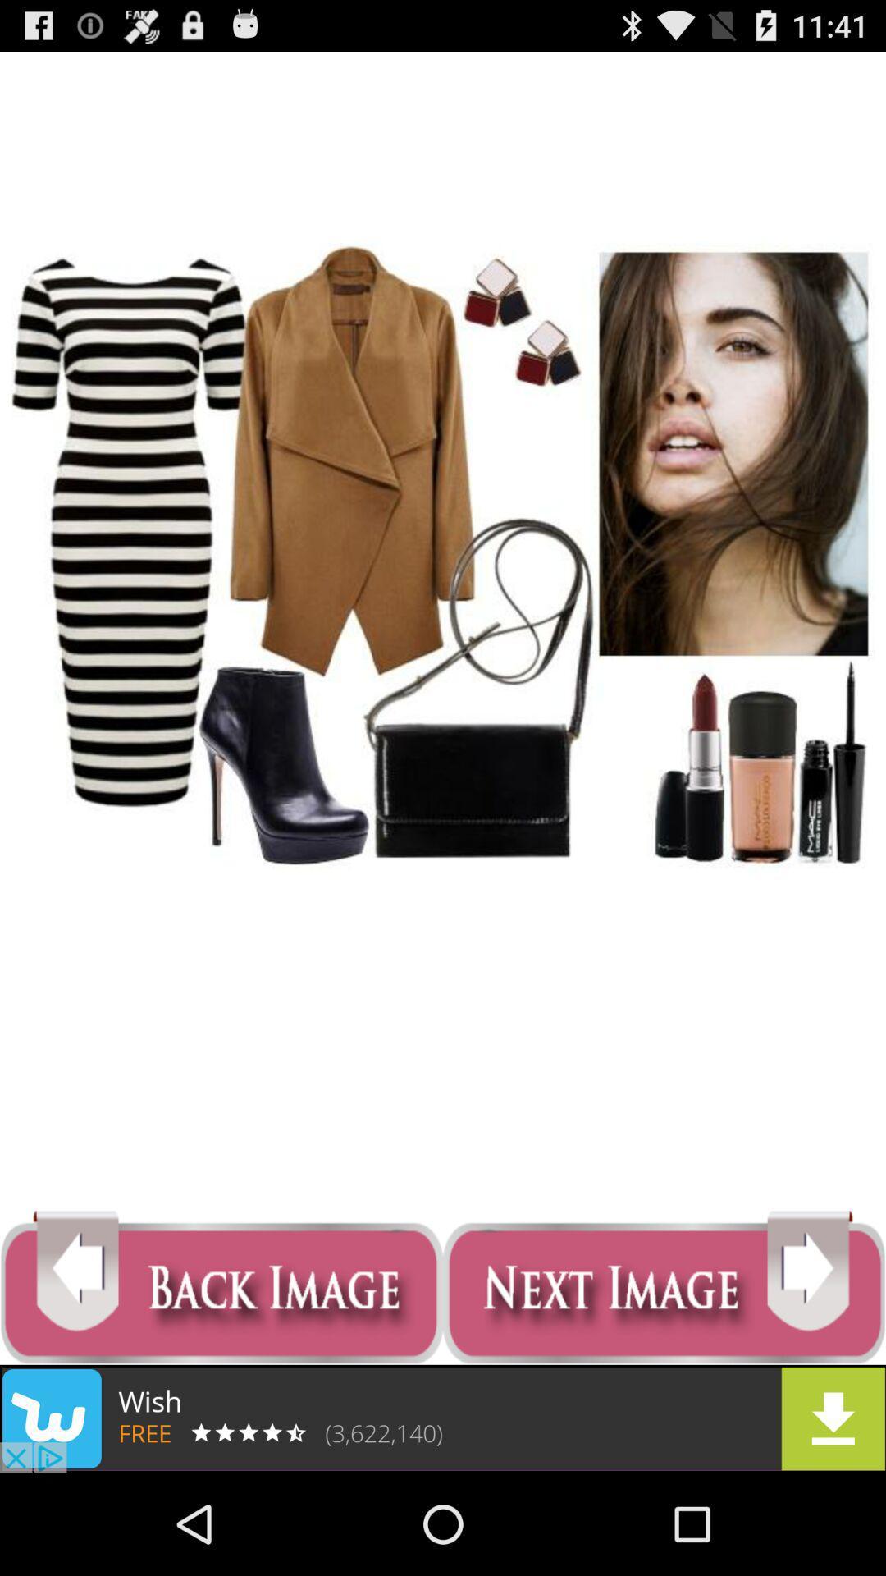 This screenshot has height=1576, width=886. I want to click on advertisement page, so click(443, 1418).